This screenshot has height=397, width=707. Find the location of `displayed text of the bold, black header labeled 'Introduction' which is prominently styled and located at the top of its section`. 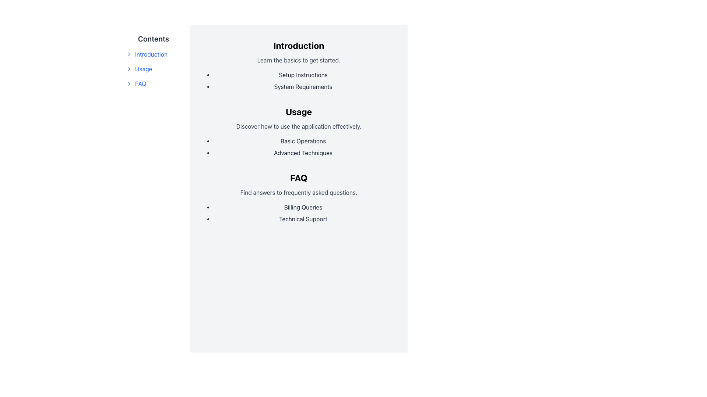

displayed text of the bold, black header labeled 'Introduction' which is prominently styled and located at the top of its section is located at coordinates (299, 45).